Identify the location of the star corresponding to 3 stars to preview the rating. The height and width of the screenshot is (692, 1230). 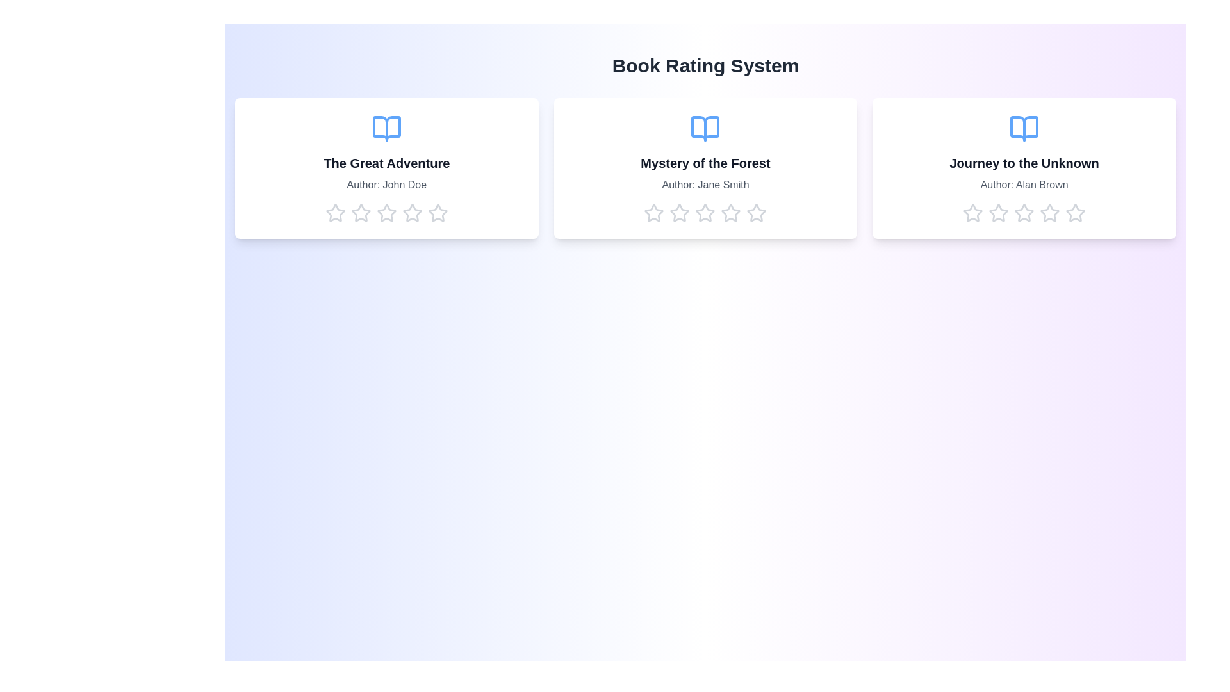
(386, 212).